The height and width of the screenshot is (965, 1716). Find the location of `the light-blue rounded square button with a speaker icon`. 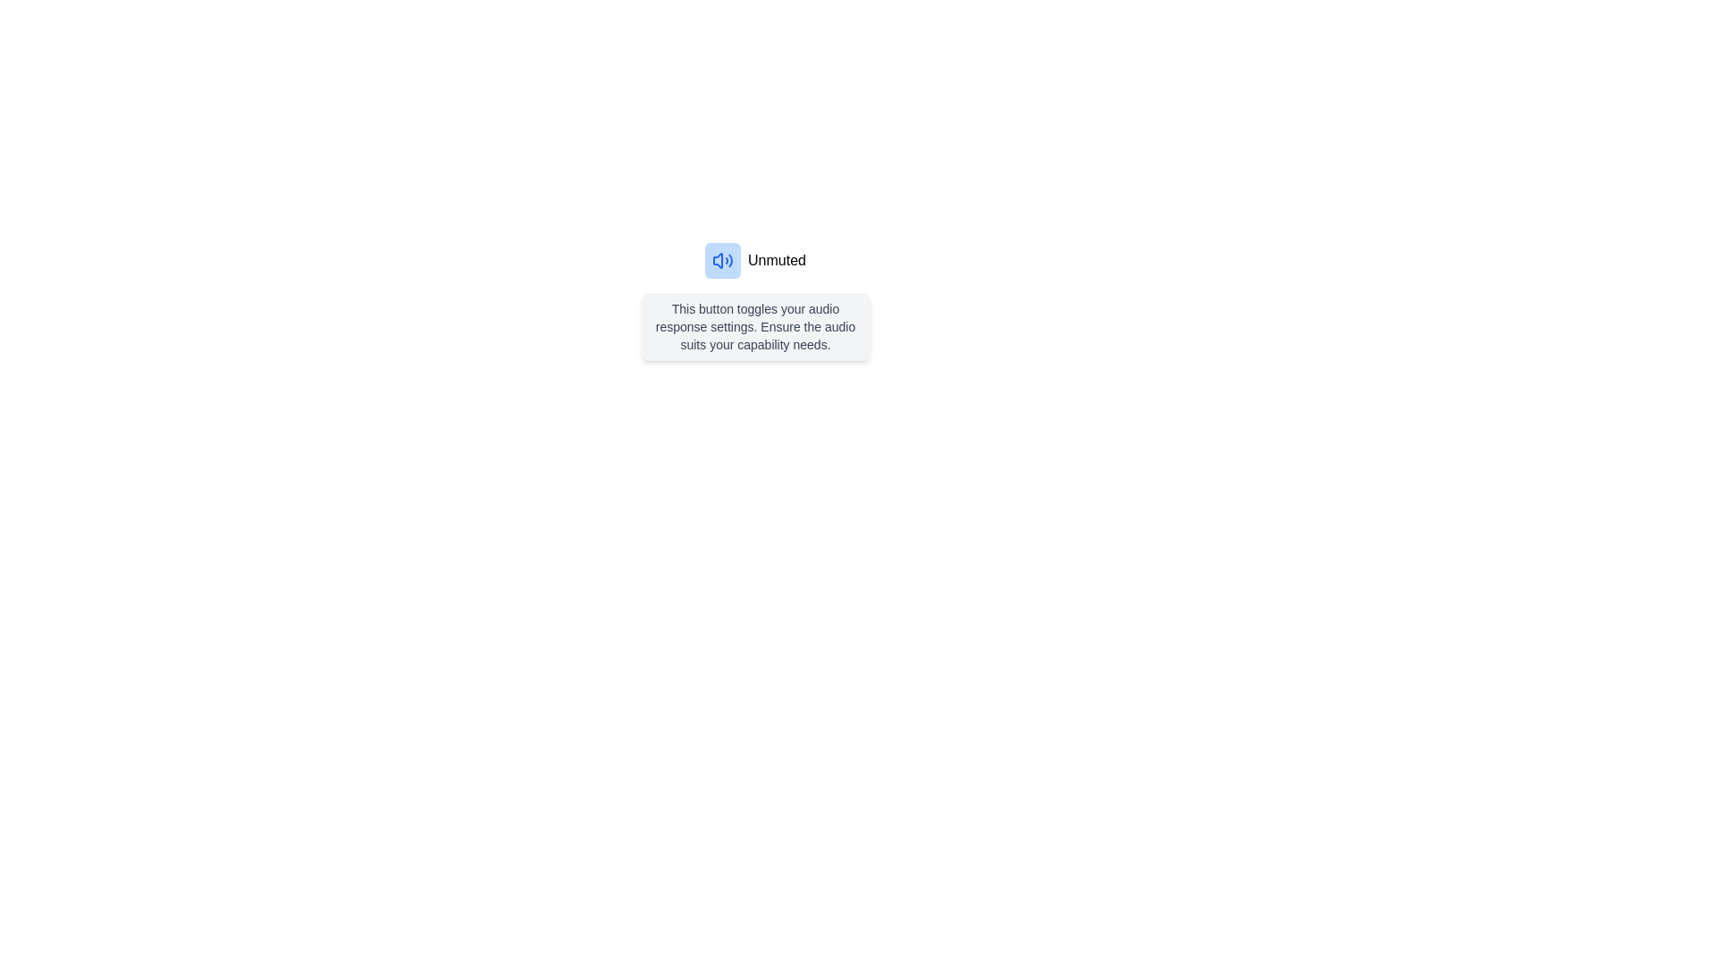

the light-blue rounded square button with a speaker icon is located at coordinates (723, 261).